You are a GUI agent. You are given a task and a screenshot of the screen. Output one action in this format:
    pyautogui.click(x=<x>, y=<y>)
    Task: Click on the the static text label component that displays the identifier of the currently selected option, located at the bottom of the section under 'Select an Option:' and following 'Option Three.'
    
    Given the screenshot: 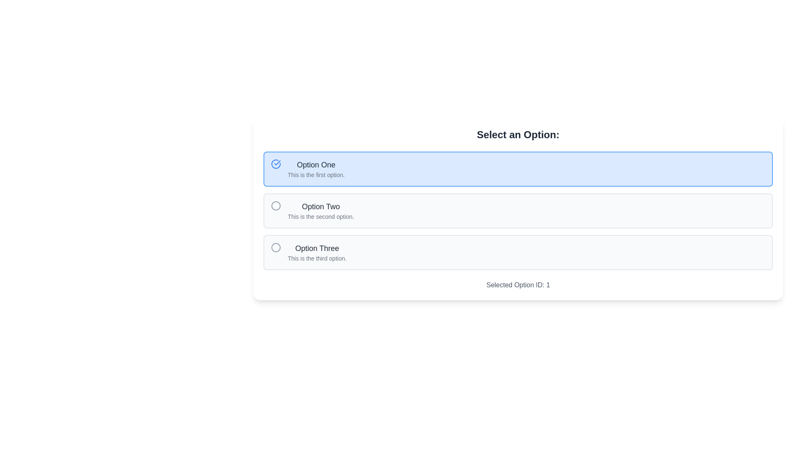 What is the action you would take?
    pyautogui.click(x=517, y=284)
    